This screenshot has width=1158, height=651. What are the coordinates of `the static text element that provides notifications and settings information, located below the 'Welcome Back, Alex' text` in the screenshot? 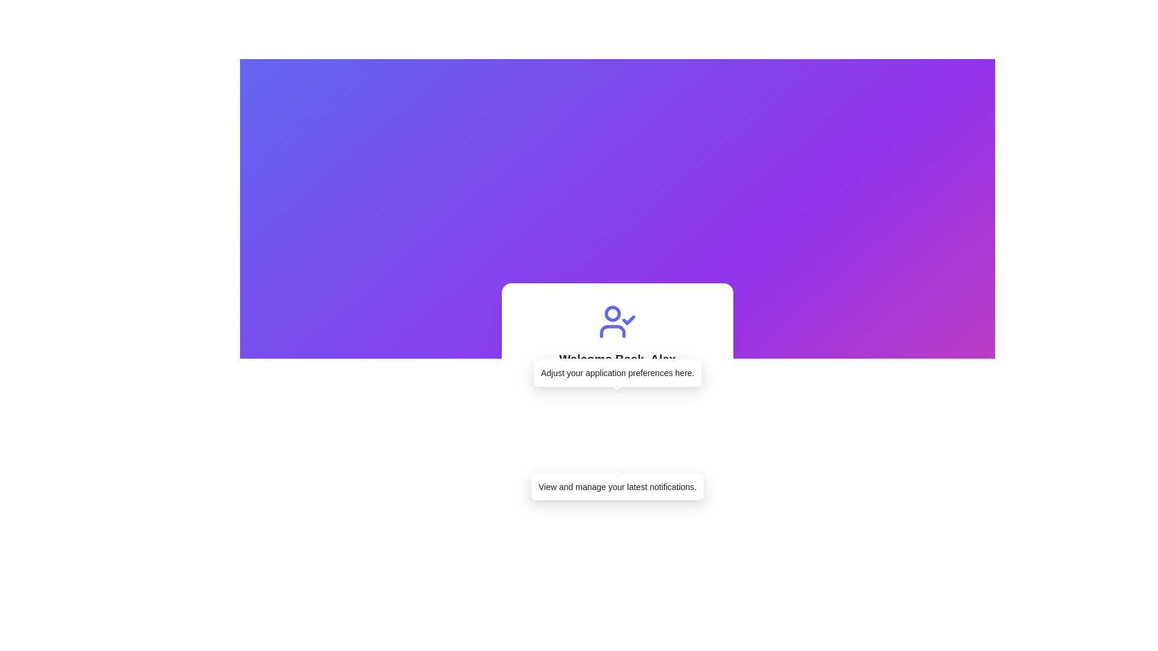 It's located at (617, 373).